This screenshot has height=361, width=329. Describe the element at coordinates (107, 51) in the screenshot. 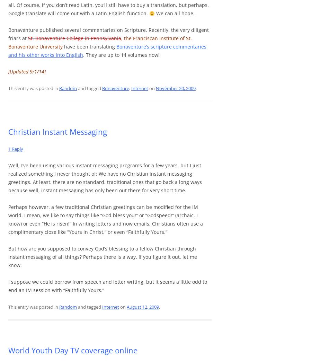

I see `'Bonaventure’s scripture commentaries and his other works into English'` at that location.